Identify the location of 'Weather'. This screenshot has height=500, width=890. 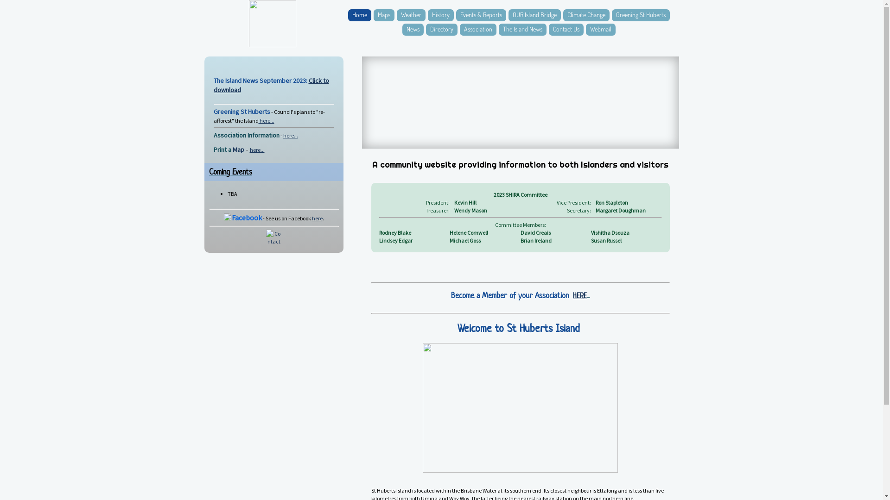
(411, 15).